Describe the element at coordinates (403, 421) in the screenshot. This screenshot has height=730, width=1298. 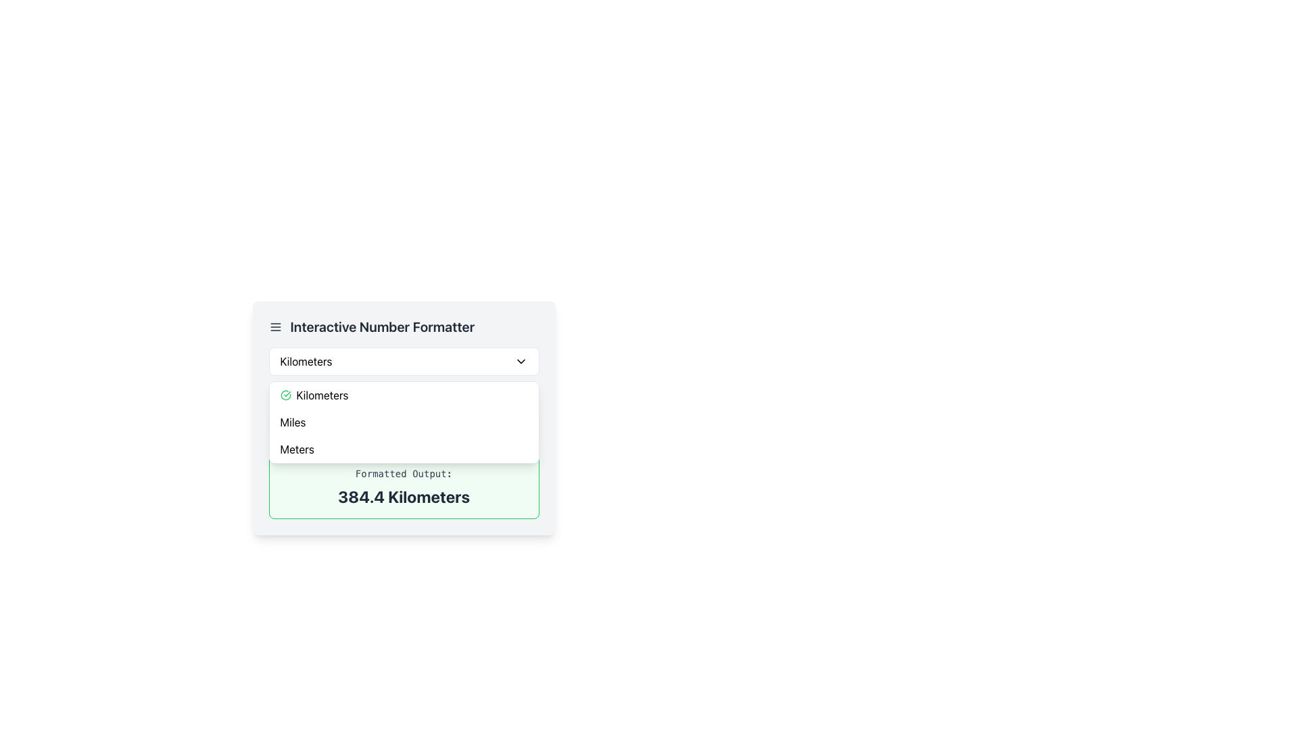
I see `the 'Miles' option in the dropdown menu, which is the second choice below 'Kilometers' and above 'Meters'` at that location.